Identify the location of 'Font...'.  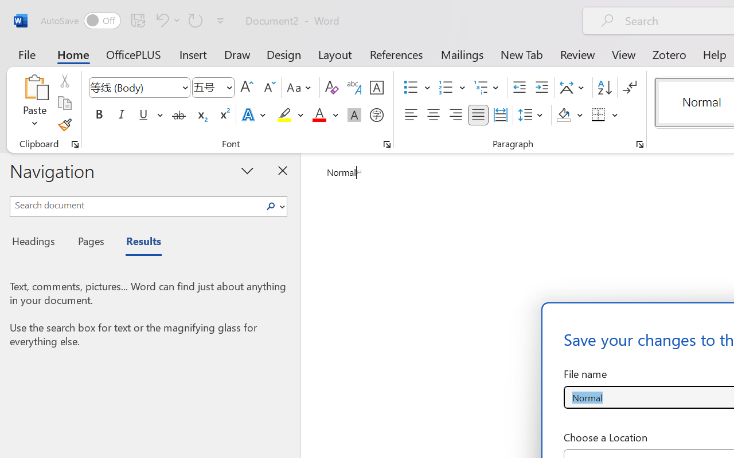
(387, 144).